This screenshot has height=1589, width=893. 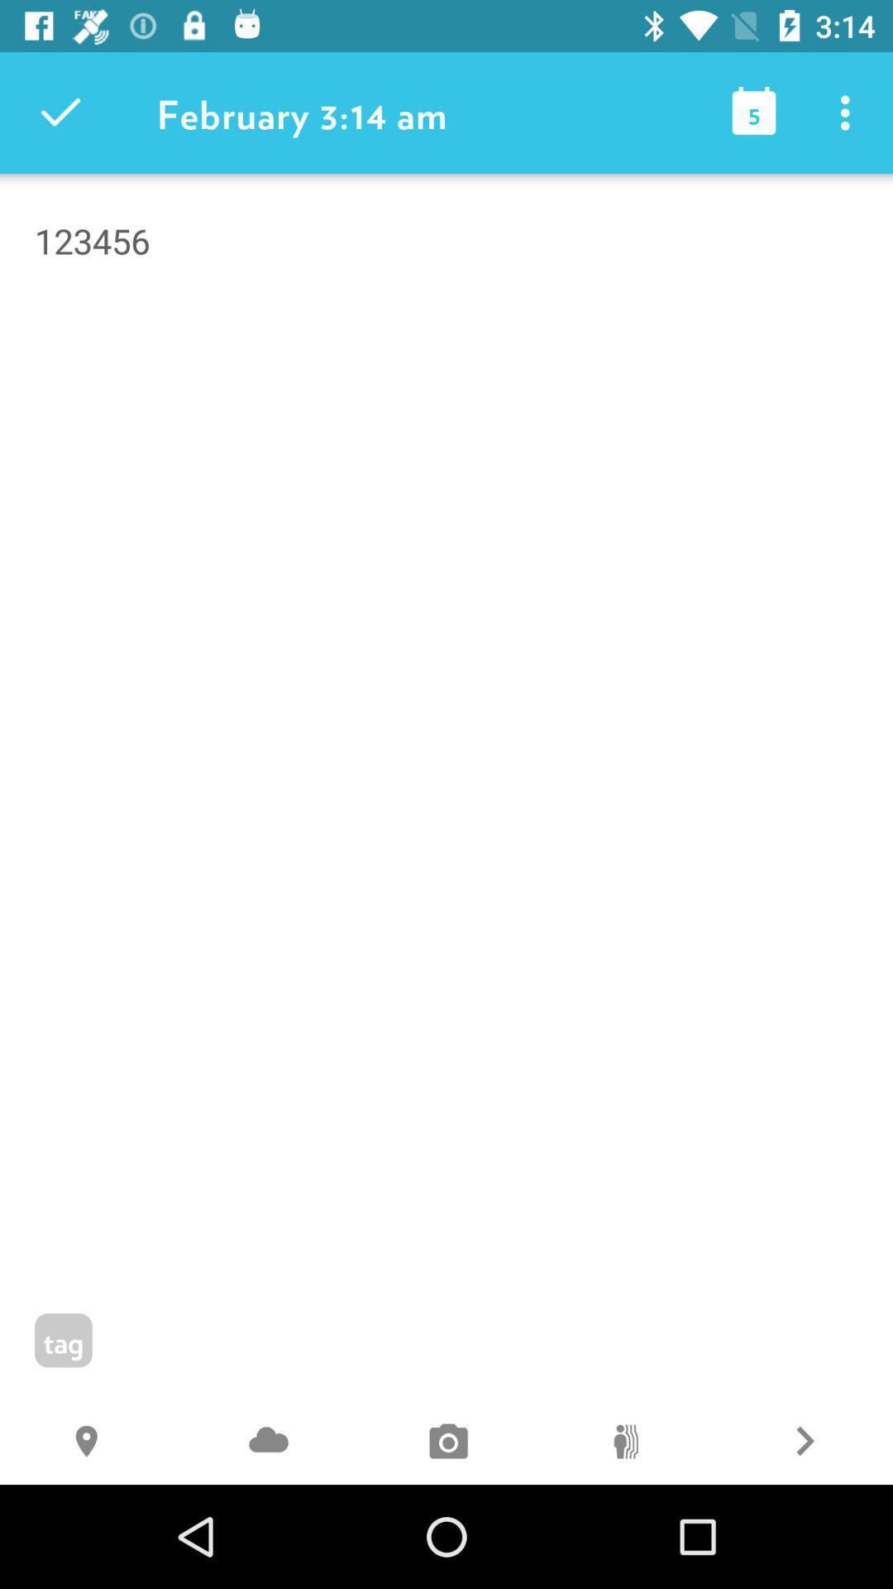 What do you see at coordinates (89, 1443) in the screenshot?
I see `the item next to j item` at bounding box center [89, 1443].